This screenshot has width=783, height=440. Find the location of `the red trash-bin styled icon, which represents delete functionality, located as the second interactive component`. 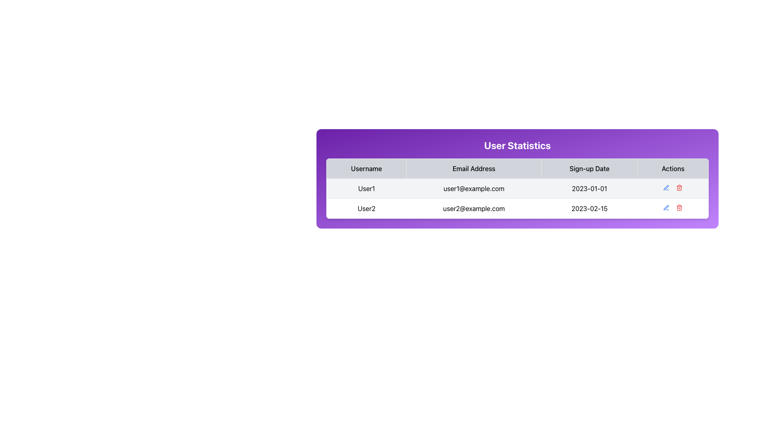

the red trash-bin styled icon, which represents delete functionality, located as the second interactive component is located at coordinates (679, 188).